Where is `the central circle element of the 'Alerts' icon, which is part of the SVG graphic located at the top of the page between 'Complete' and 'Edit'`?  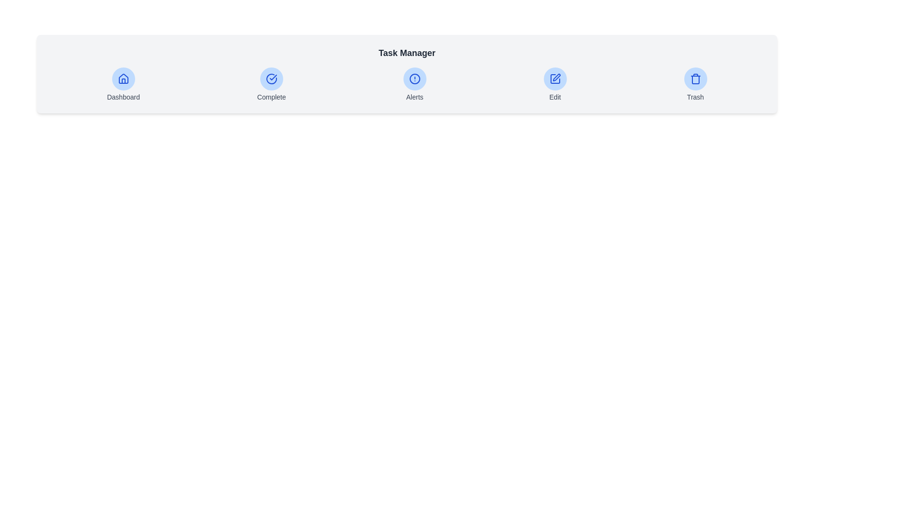
the central circle element of the 'Alerts' icon, which is part of the SVG graphic located at the top of the page between 'Complete' and 'Edit' is located at coordinates (414, 79).